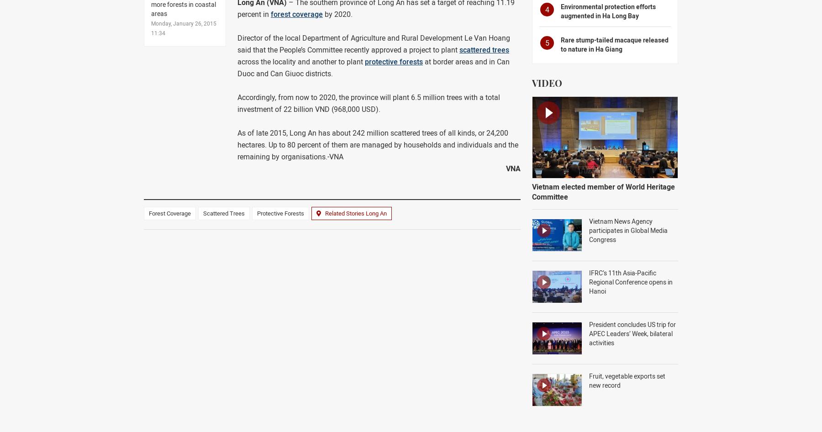 Image resolution: width=822 pixels, height=432 pixels. Describe the element at coordinates (322, 14) in the screenshot. I see `'by 2020.'` at that location.